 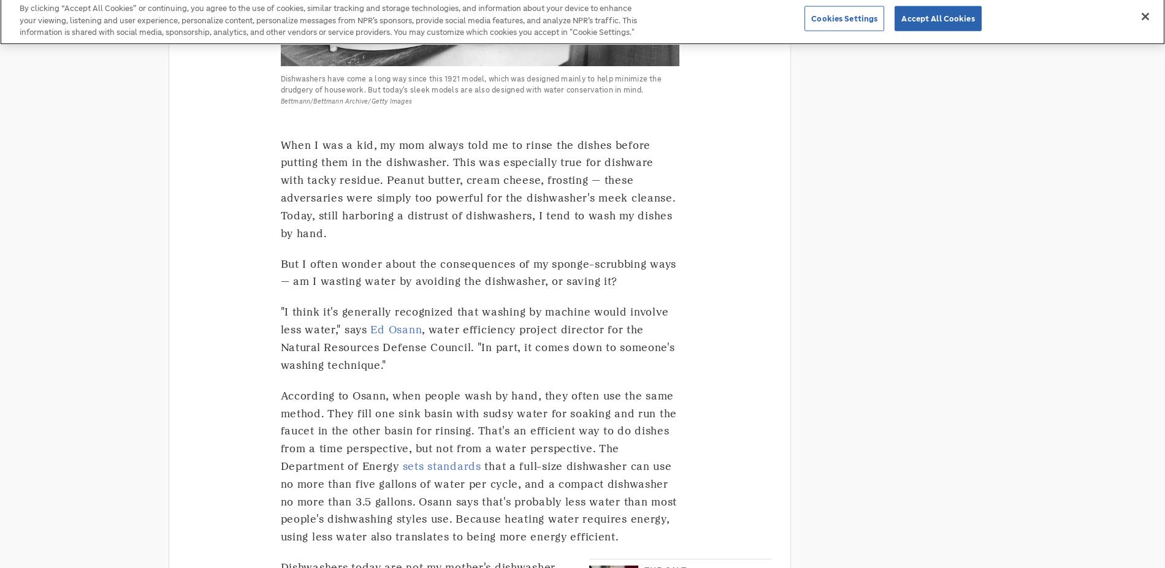 What do you see at coordinates (478, 430) in the screenshot?
I see `'According to Osann, when people wash by hand, they often use the same method. They fill one sink basin with sudsy water for soaking and run the faucet in the other basin for rinsing. That's an efficient way to do dishes from a time perspective, but not from a water perspective. The Department of Energy'` at bounding box center [478, 430].